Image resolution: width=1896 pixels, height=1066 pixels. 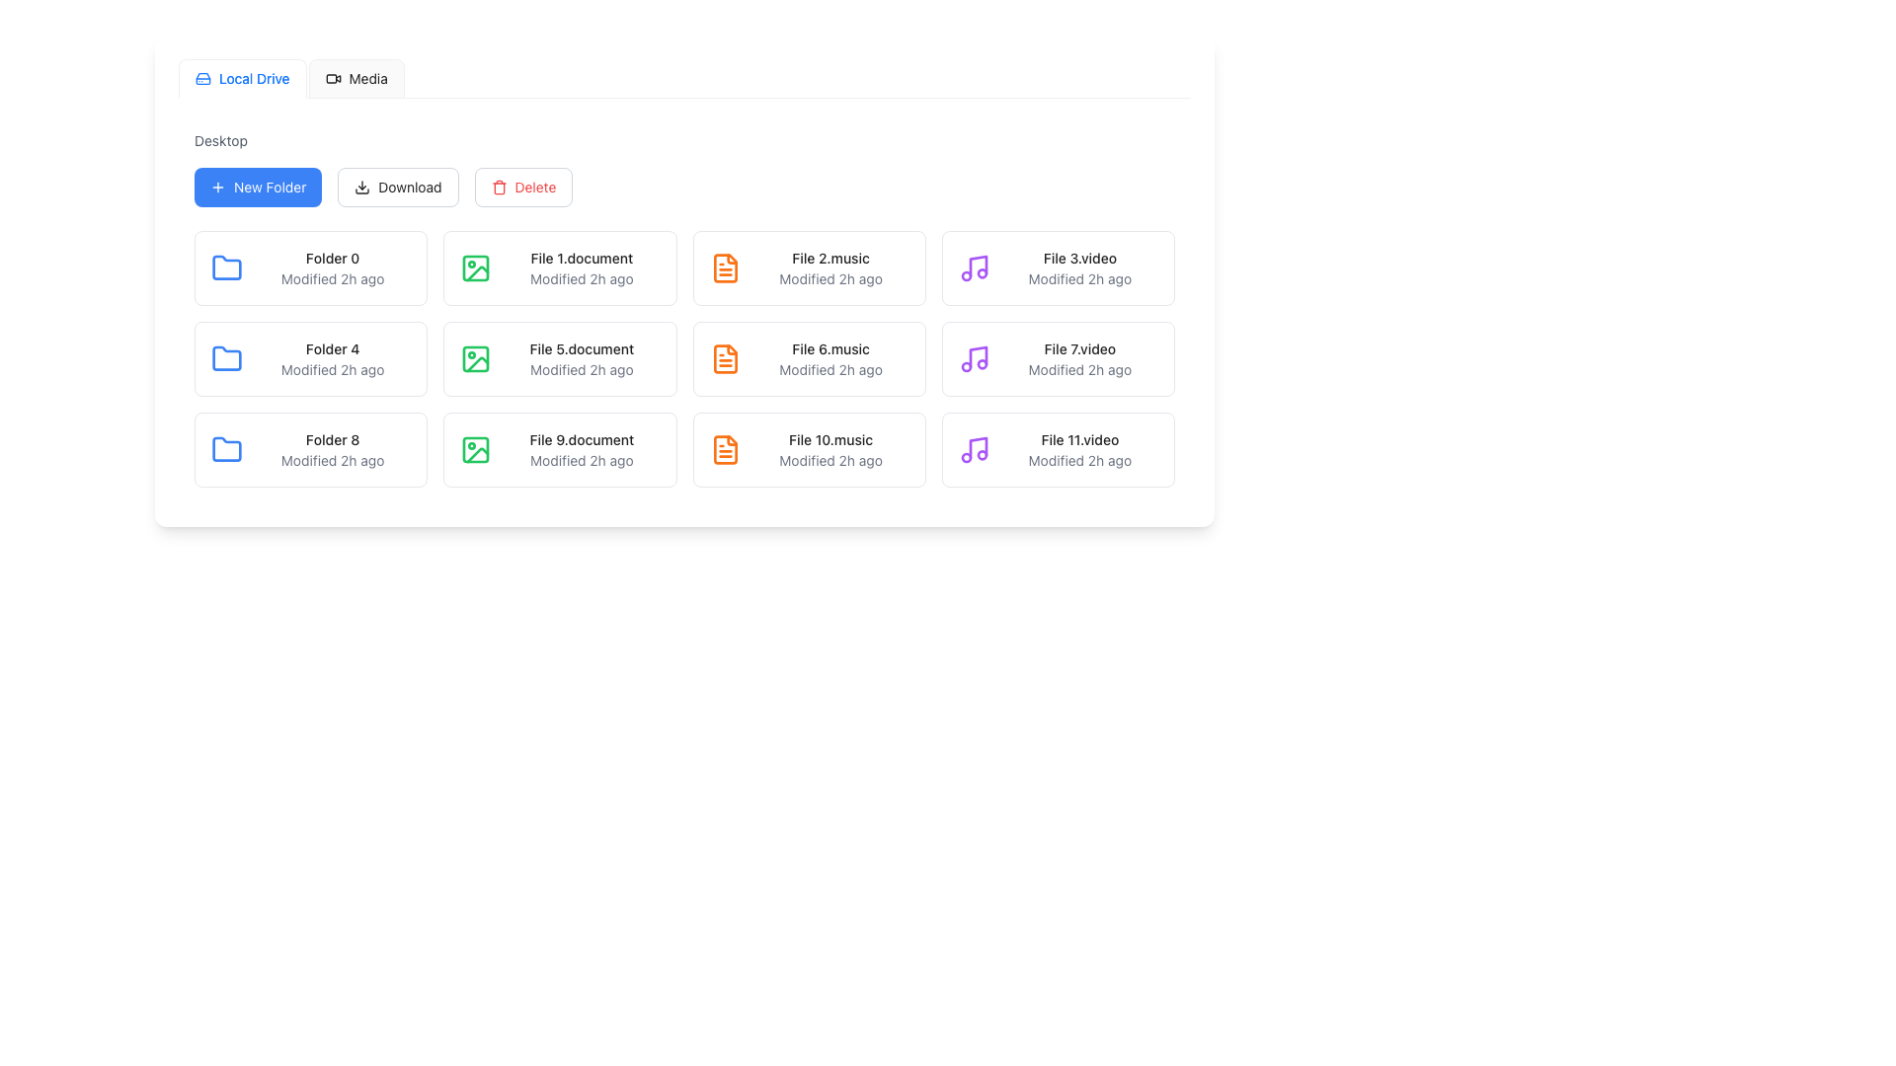 I want to click on the text label that serves as the title or identifier for a file, located in the first row and second column of the grid structure, above the 'Modified 2h ago' label, so click(x=581, y=258).